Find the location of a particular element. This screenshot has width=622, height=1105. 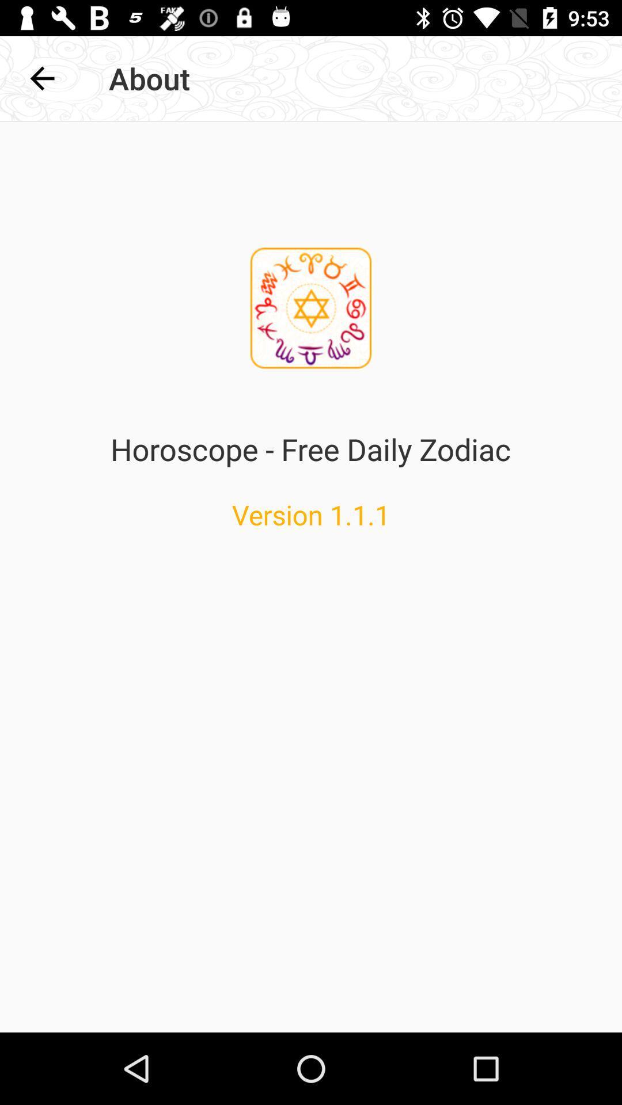

icon next to the about is located at coordinates (41, 78).